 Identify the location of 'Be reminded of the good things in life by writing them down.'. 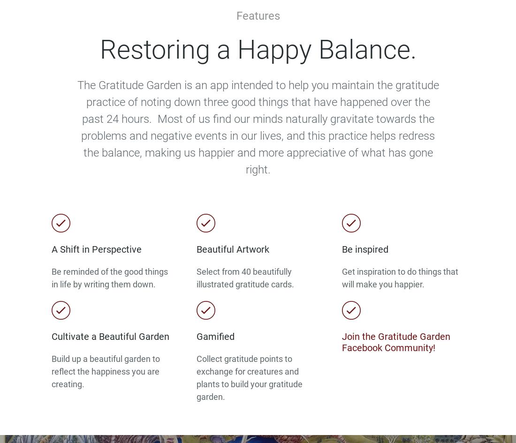
(109, 278).